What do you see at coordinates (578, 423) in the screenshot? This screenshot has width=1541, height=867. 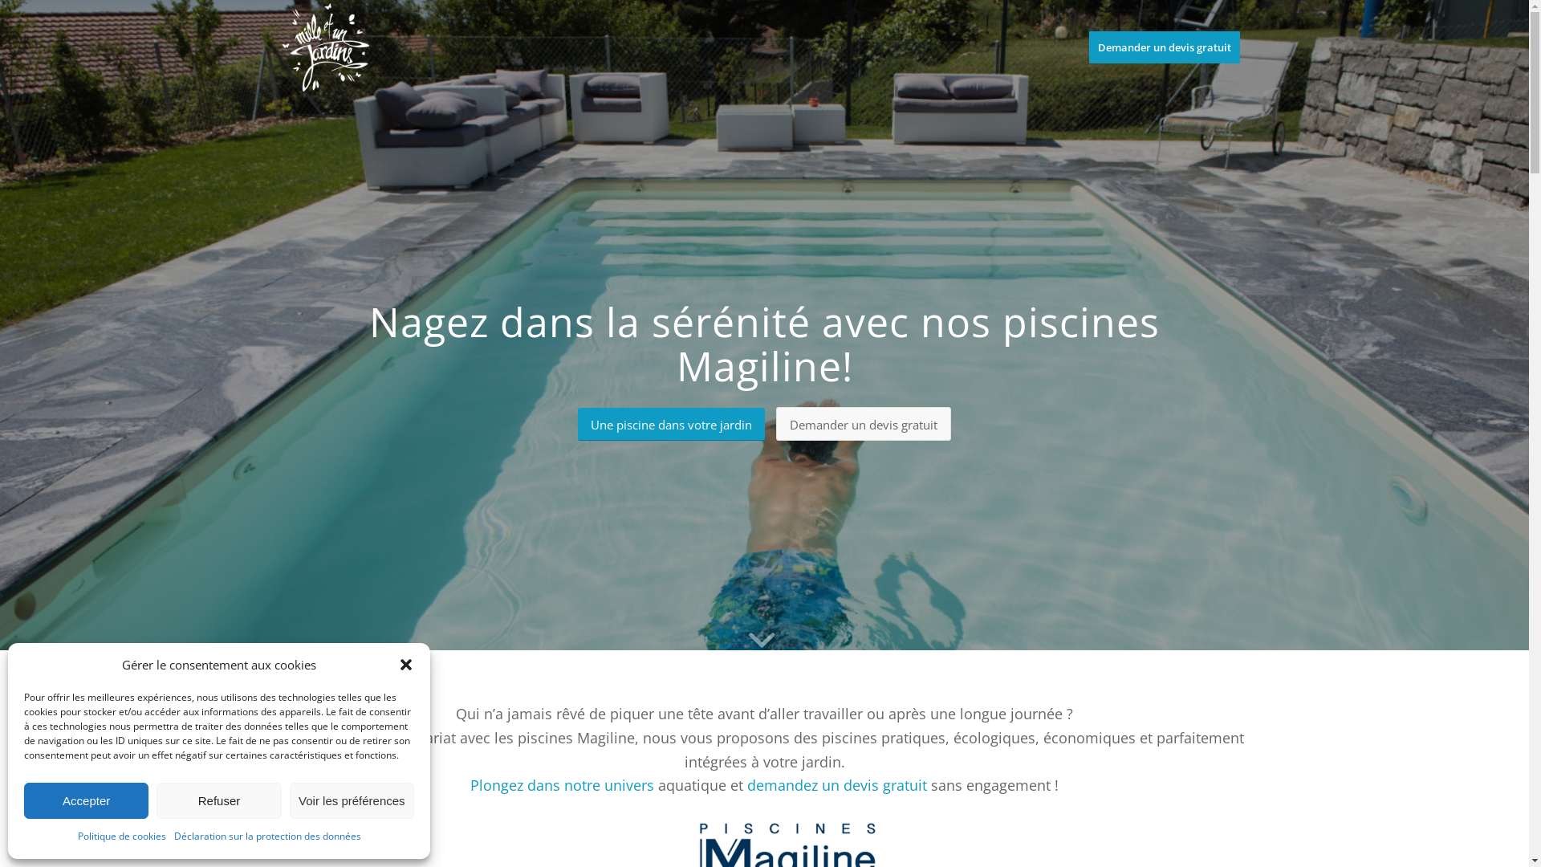 I see `'Une piscine dans votre jardin'` at bounding box center [578, 423].